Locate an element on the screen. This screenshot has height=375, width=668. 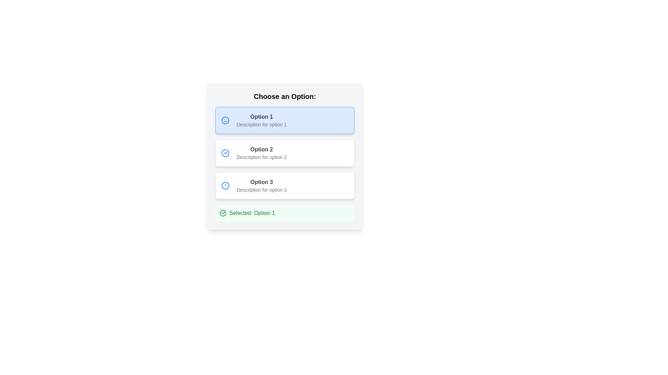
the informational Text label located below 'Option 3' inside the third selectable card in the vertical list of options is located at coordinates (261, 190).